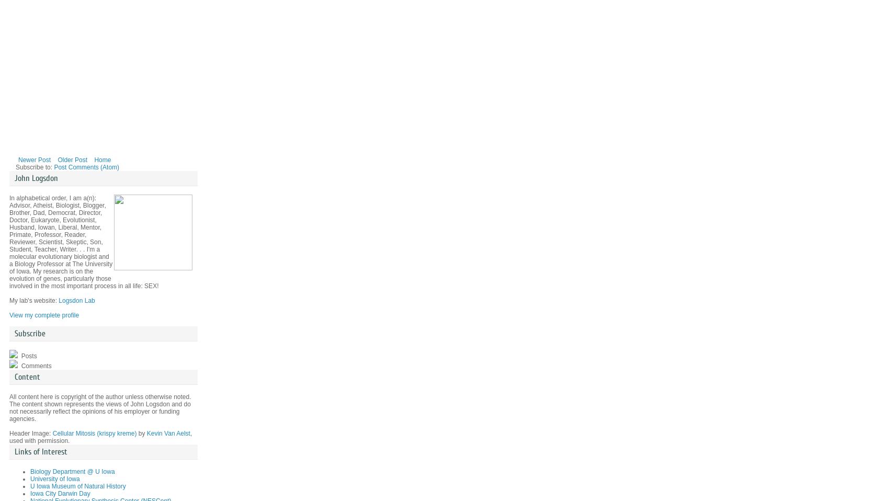 Image resolution: width=889 pixels, height=501 pixels. What do you see at coordinates (167, 432) in the screenshot?
I see `'Kevin Van Aelst'` at bounding box center [167, 432].